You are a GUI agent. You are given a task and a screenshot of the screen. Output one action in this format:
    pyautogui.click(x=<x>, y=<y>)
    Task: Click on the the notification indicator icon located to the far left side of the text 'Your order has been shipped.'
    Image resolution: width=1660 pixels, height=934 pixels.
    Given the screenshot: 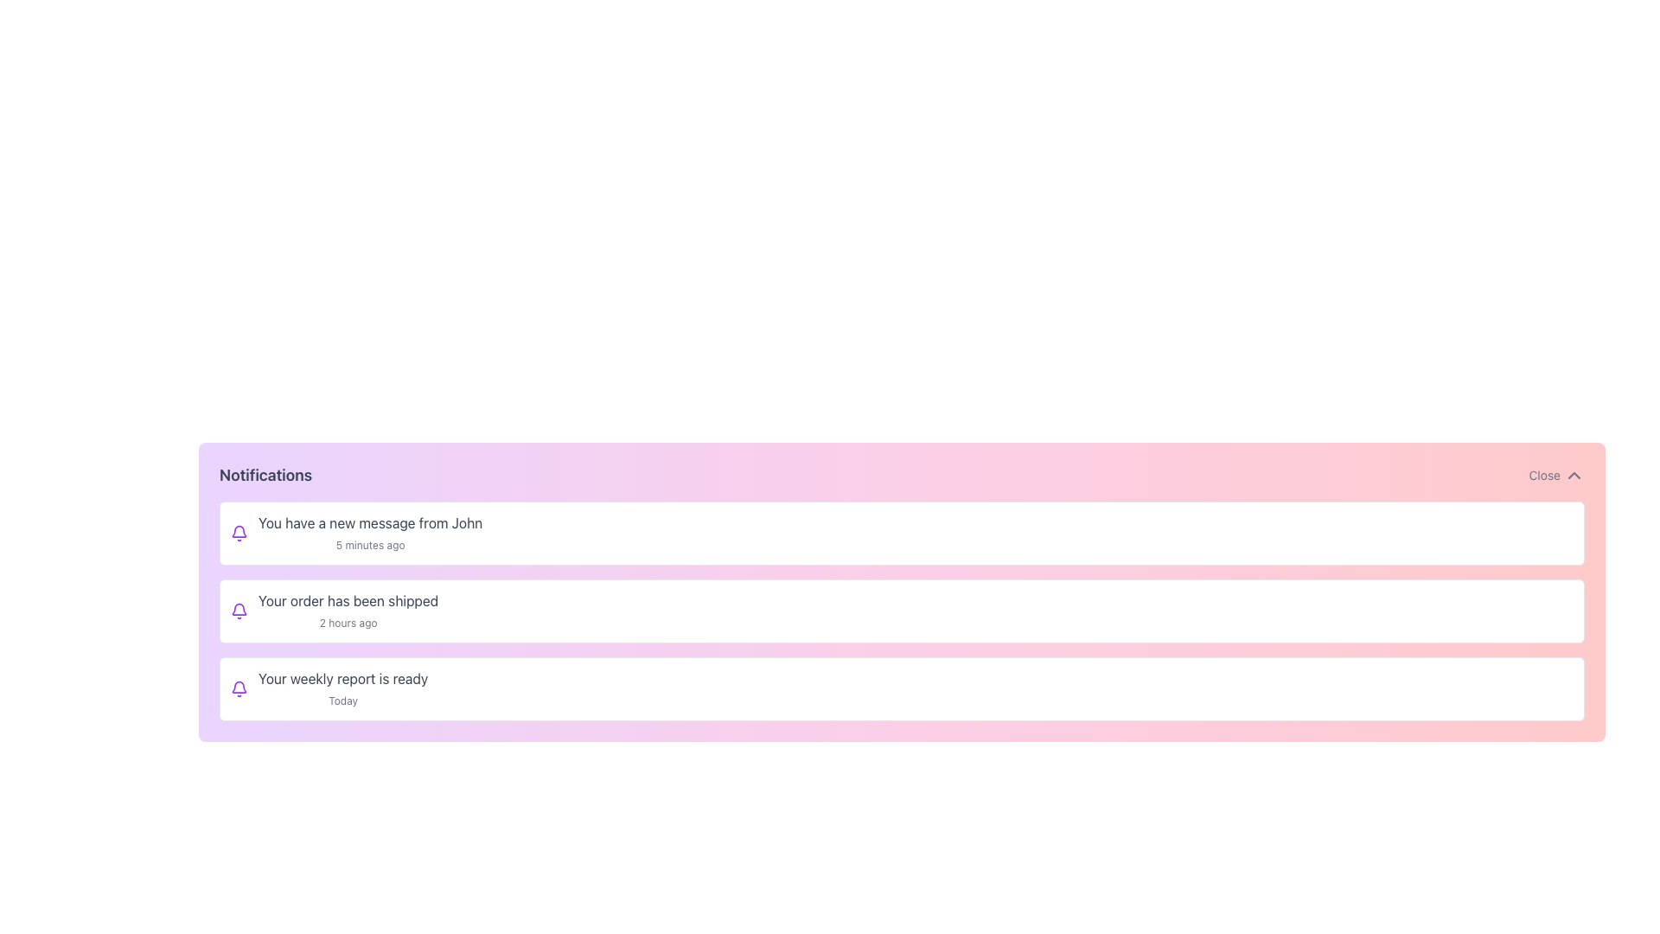 What is the action you would take?
    pyautogui.click(x=239, y=610)
    